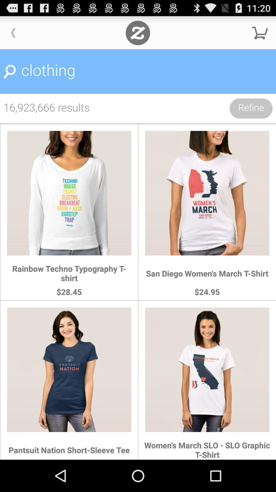  What do you see at coordinates (251, 108) in the screenshot?
I see `item next to the 16 923 666 icon` at bounding box center [251, 108].